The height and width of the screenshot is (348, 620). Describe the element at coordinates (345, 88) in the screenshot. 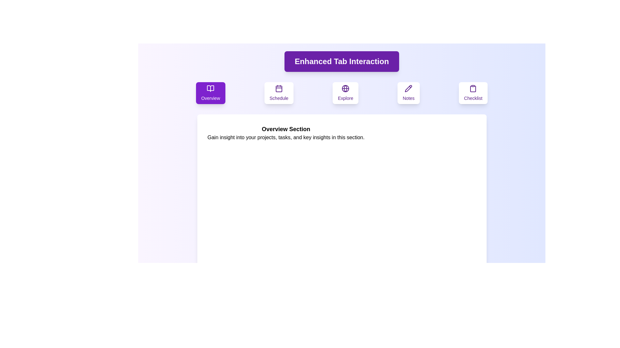

I see `the icon representing exploration or global connectivity, which is centrally located within the 'Explore' button, the third button in the navigation options` at that location.